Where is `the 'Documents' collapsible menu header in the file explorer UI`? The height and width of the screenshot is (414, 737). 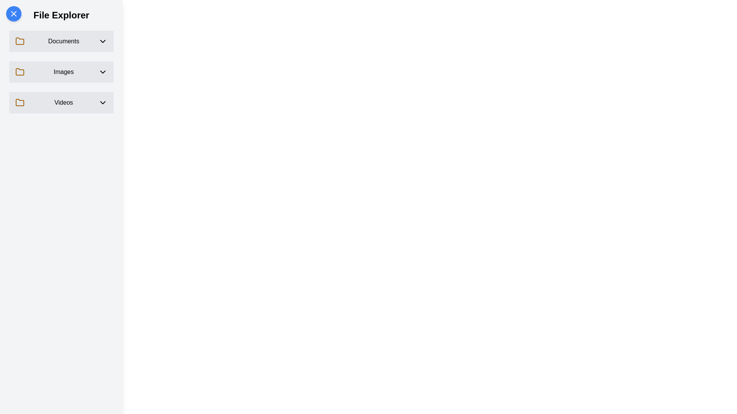
the 'Documents' collapsible menu header in the file explorer UI is located at coordinates (61, 41).